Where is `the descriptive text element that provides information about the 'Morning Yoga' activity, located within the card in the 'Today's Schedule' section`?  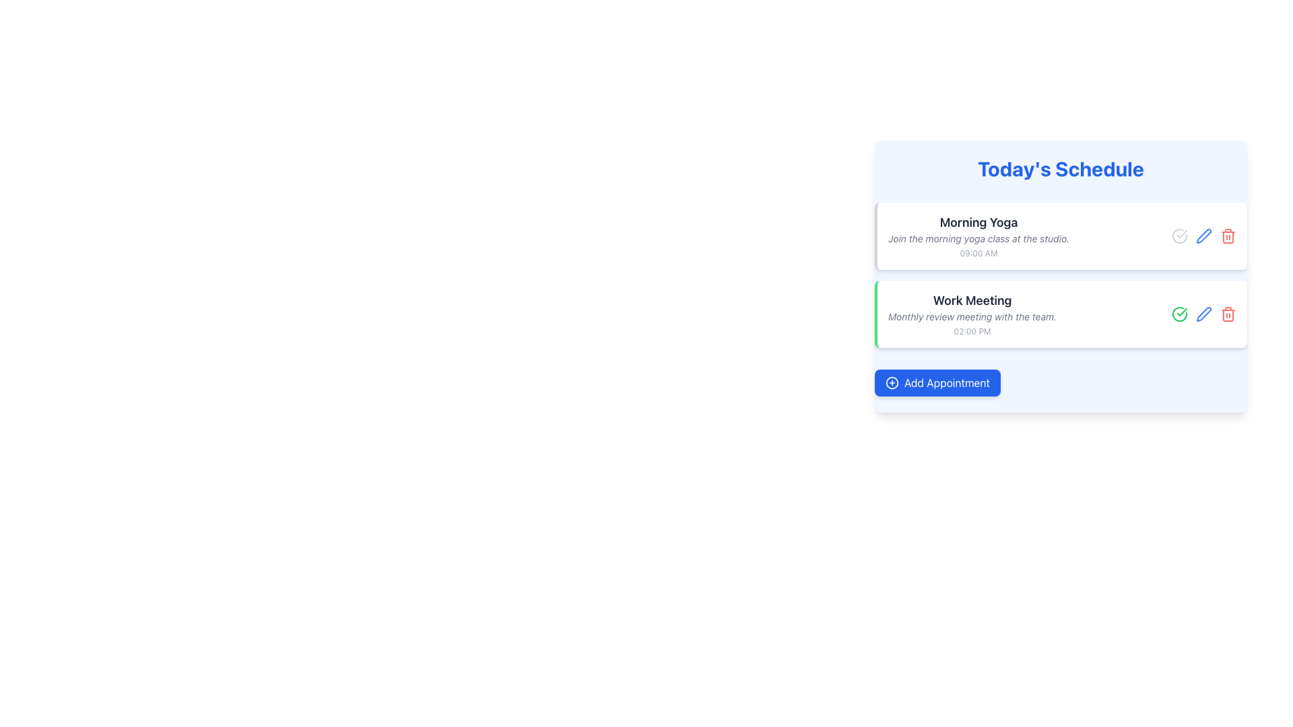
the descriptive text element that provides information about the 'Morning Yoga' activity, located within the card in the 'Today's Schedule' section is located at coordinates (979, 238).